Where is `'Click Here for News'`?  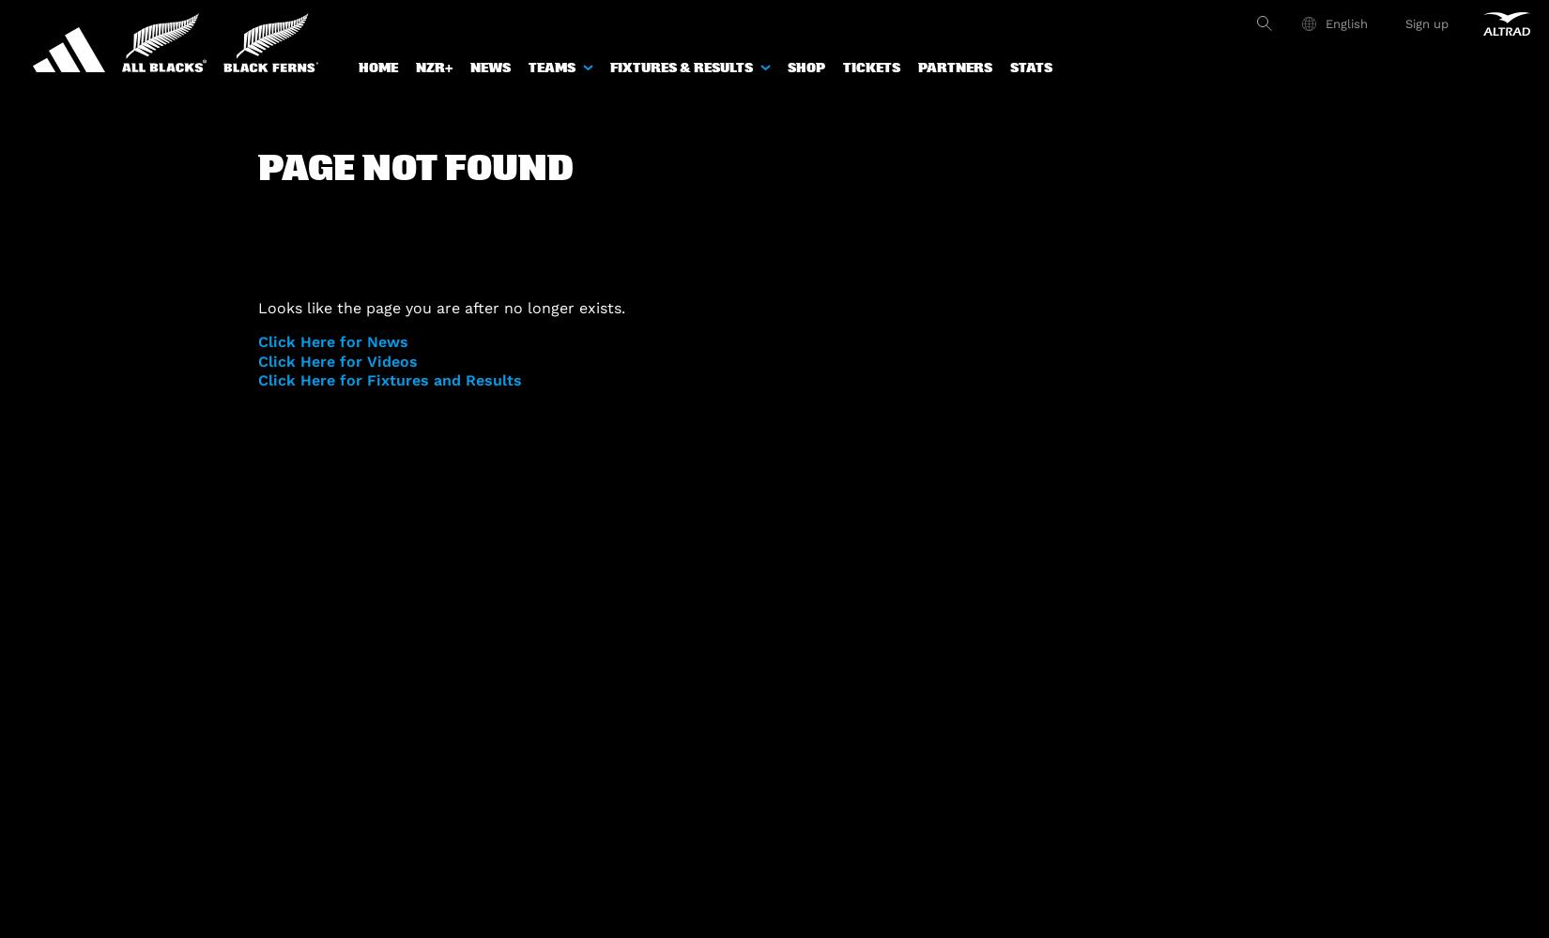
'Click Here for News' is located at coordinates (333, 340).